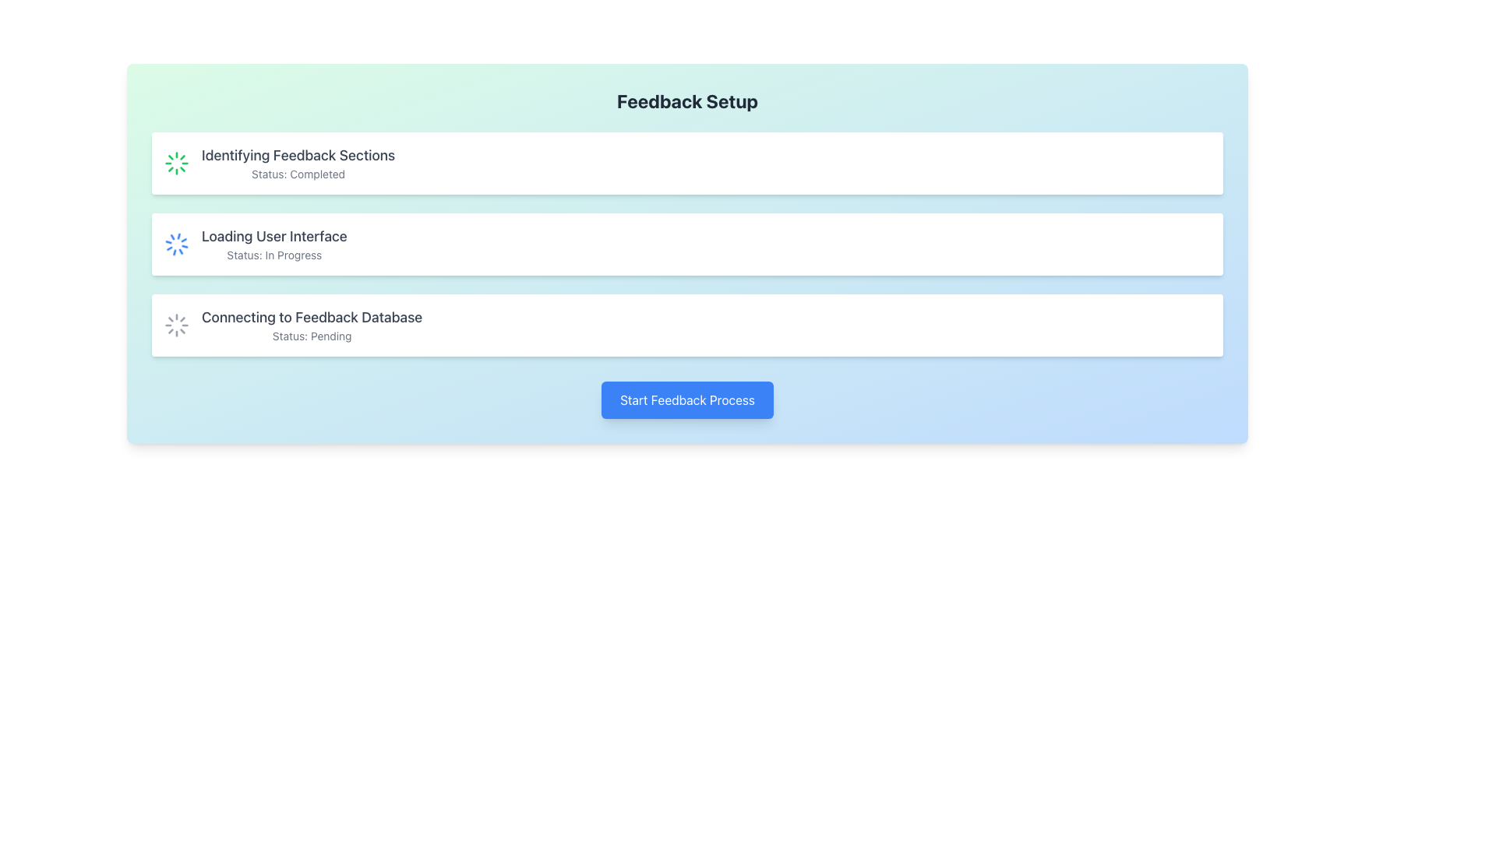 The height and width of the screenshot is (841, 1496). Describe the element at coordinates (298, 156) in the screenshot. I see `the text element displaying 'Identifying Feedback Sections', which is styled with a large font size and medium weight in gray color, positioned at the top of the feedback tasks list` at that location.